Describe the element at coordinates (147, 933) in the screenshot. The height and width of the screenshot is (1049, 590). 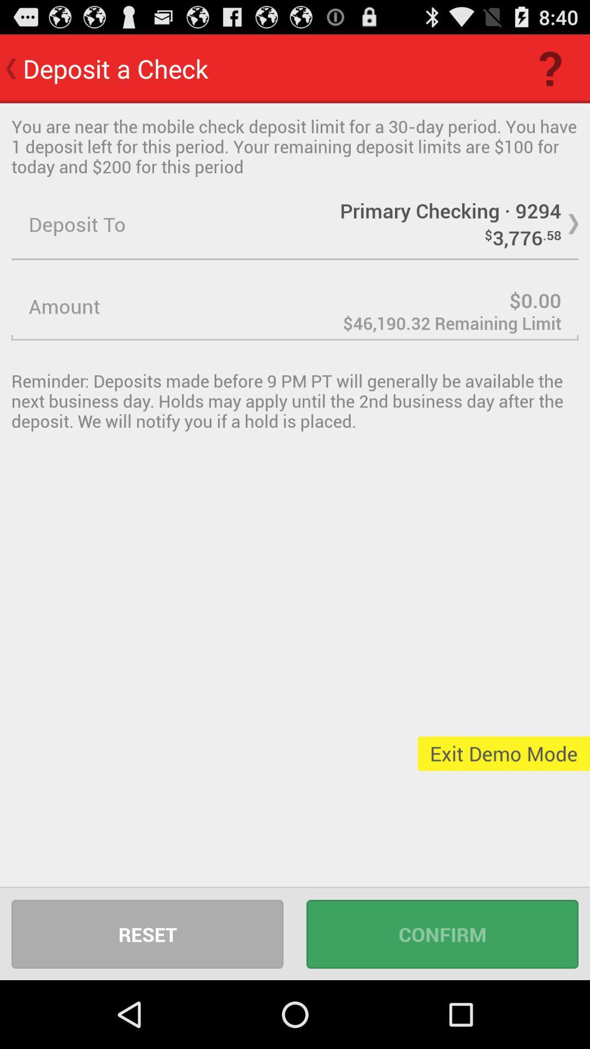
I see `item at the bottom left corner` at that location.